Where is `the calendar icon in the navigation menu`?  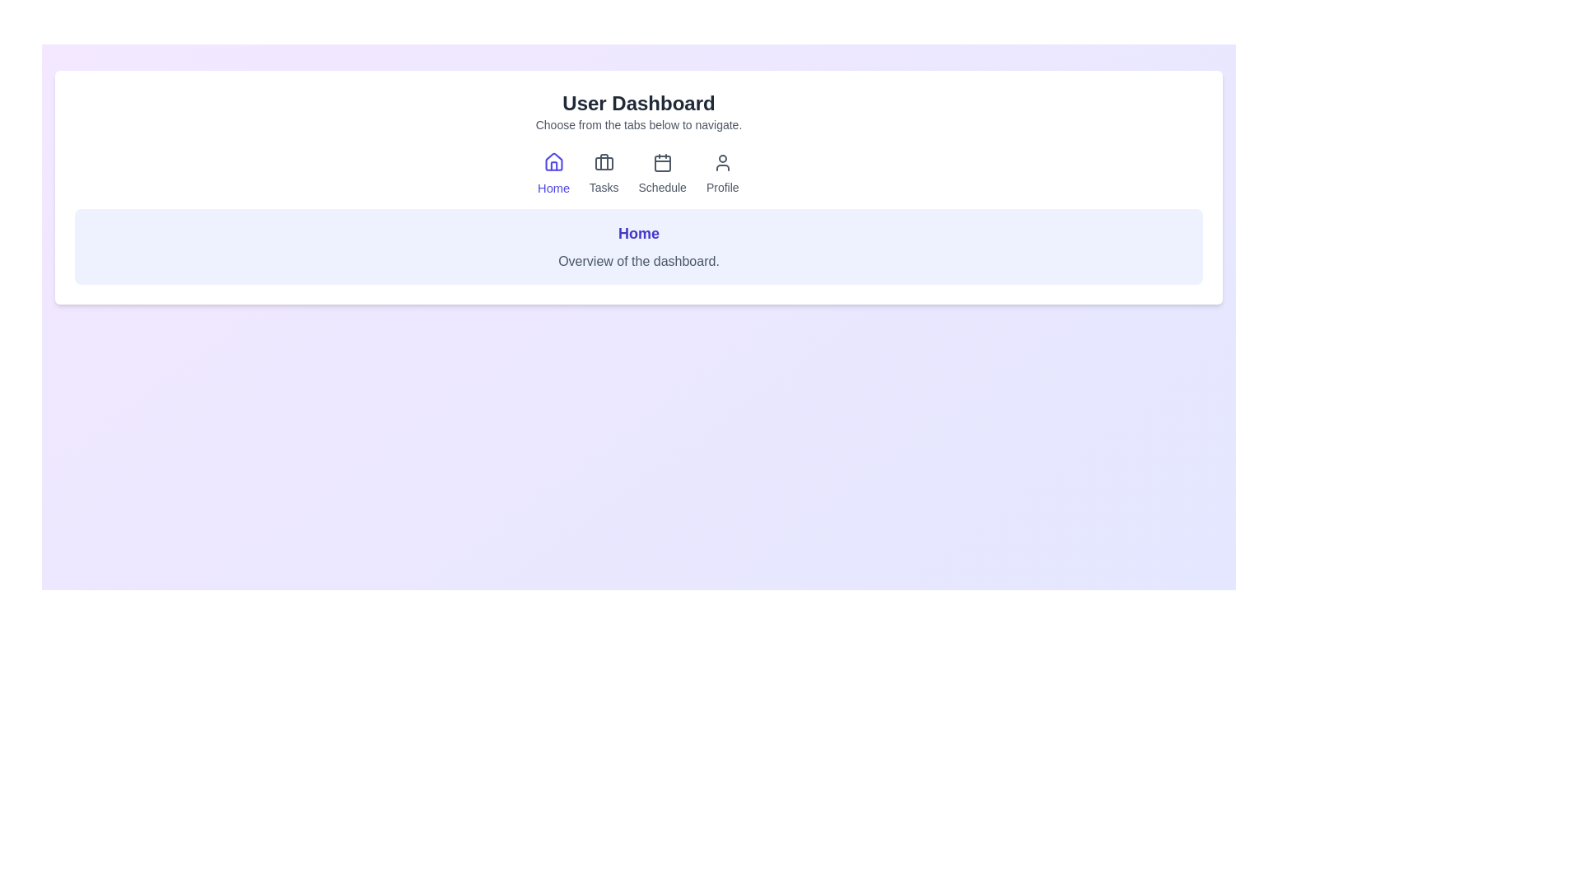 the calendar icon in the navigation menu is located at coordinates (662, 162).